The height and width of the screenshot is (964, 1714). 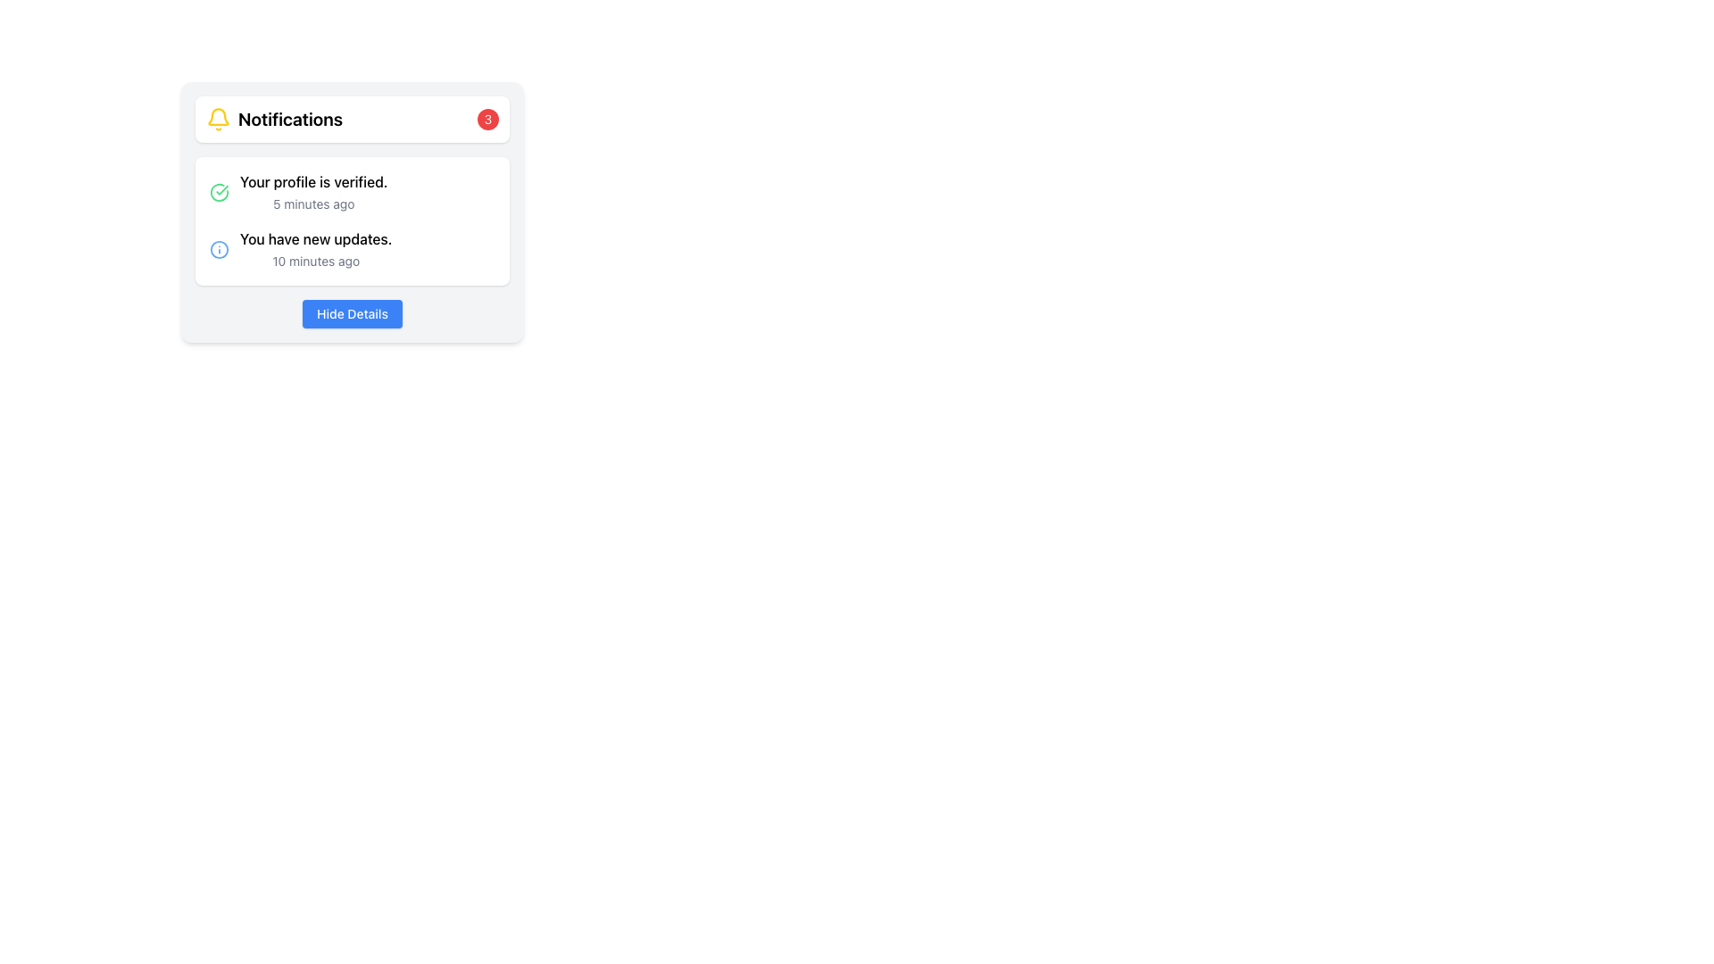 What do you see at coordinates (218, 250) in the screenshot?
I see `the circular SVG element with a thin stroke outline located in the top-right of the notification box` at bounding box center [218, 250].